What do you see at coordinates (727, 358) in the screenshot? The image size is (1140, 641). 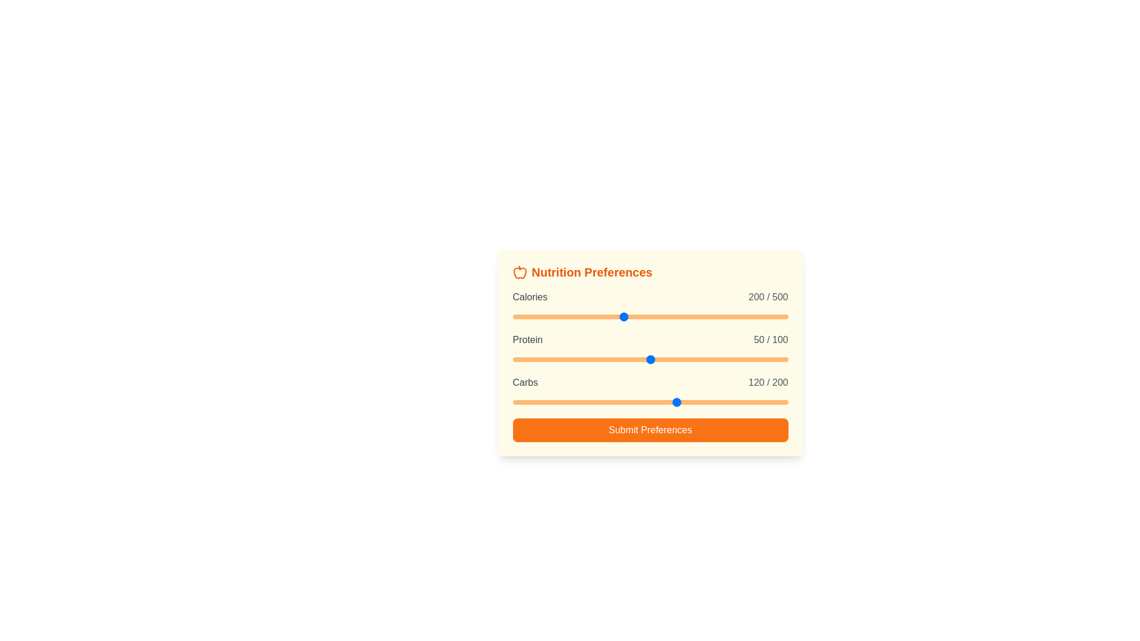 I see `the protein intake value` at bounding box center [727, 358].